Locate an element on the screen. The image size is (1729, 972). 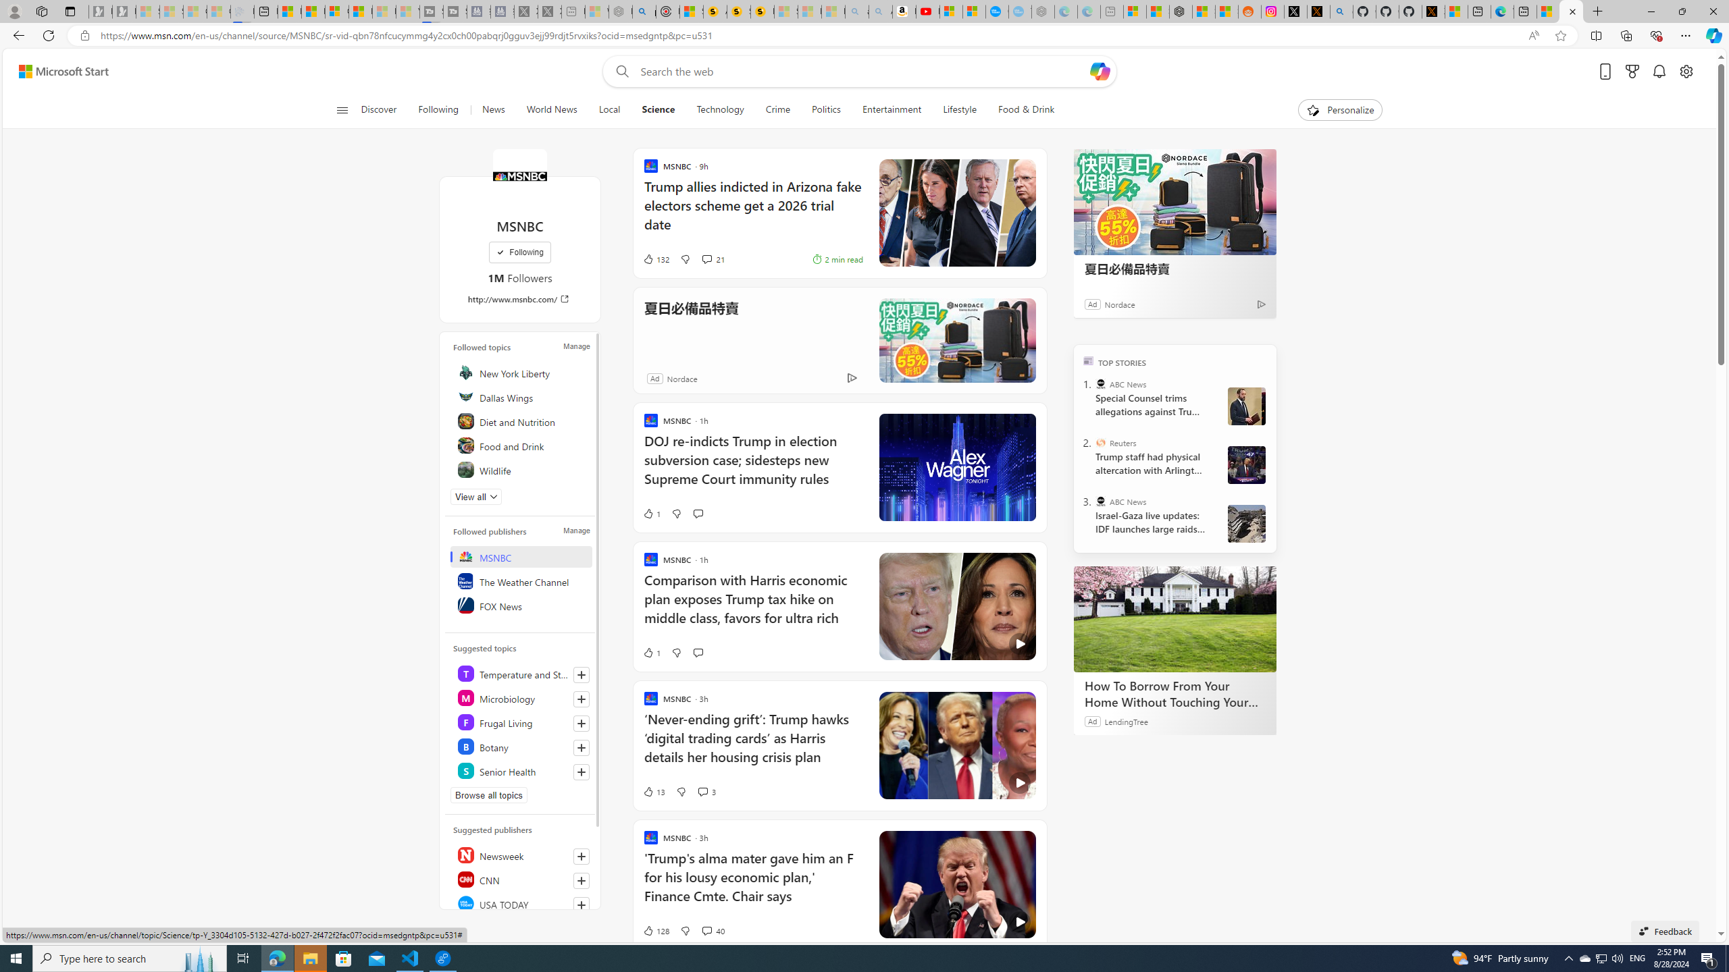
'Nordace - Nordace has arrived Hong Kong - Sleeping' is located at coordinates (1041, 11).